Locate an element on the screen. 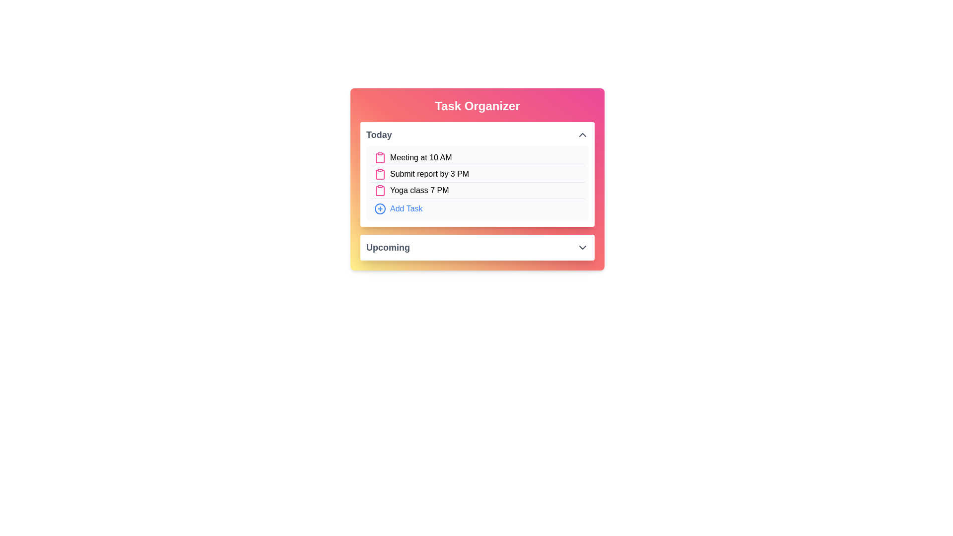 This screenshot has height=536, width=953. the dropdown indicator icon (chevron) is located at coordinates (583, 247).